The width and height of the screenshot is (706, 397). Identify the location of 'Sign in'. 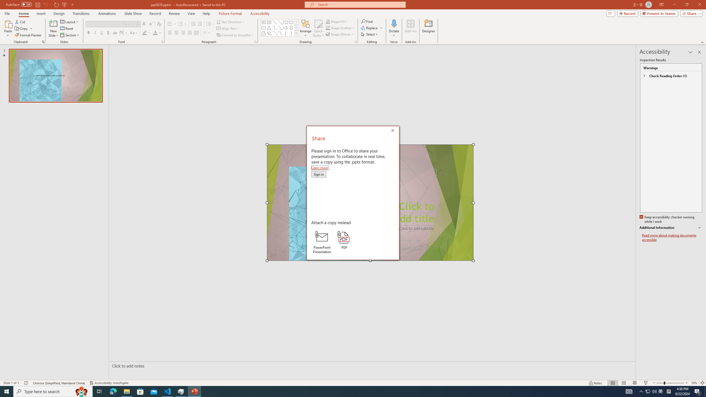
(318, 174).